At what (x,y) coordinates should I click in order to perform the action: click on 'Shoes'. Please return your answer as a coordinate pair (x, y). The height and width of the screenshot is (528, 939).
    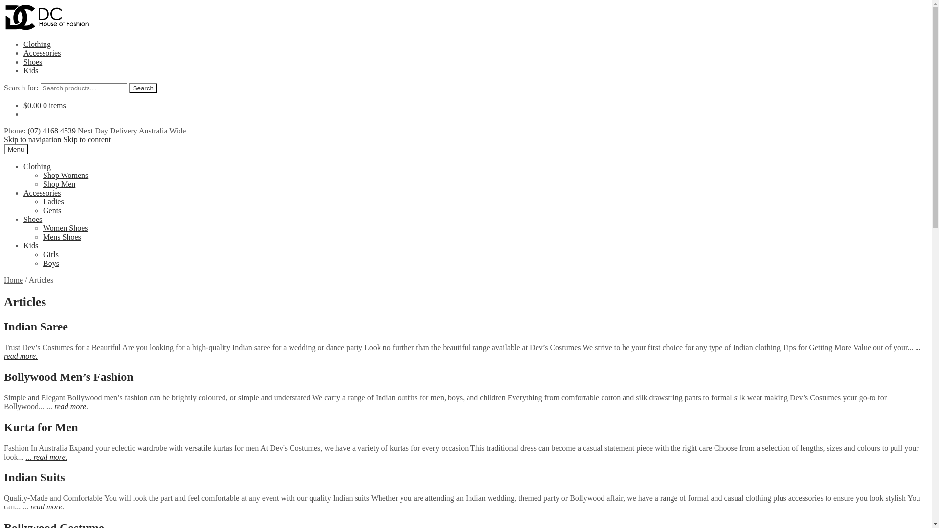
    Looking at the image, I should click on (33, 62).